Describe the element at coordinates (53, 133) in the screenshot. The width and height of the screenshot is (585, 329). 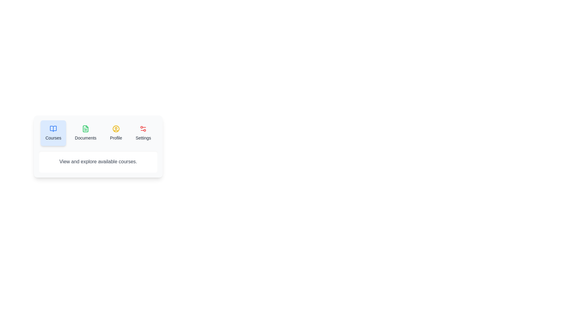
I see `the tab labeled Courses to display its content` at that location.